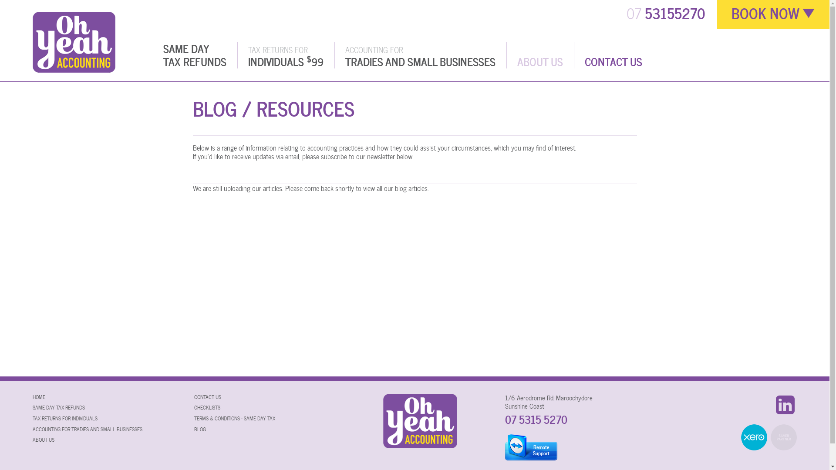 Image resolution: width=836 pixels, height=470 pixels. Describe the element at coordinates (88, 429) in the screenshot. I see `'ACCOUNTING FOR TRADIES AND SMALL BUSINESSES'` at that location.